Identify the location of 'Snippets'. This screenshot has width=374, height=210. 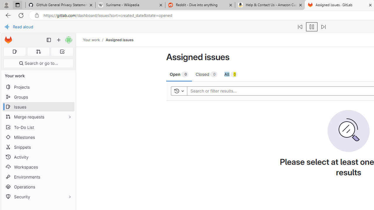
(38, 147).